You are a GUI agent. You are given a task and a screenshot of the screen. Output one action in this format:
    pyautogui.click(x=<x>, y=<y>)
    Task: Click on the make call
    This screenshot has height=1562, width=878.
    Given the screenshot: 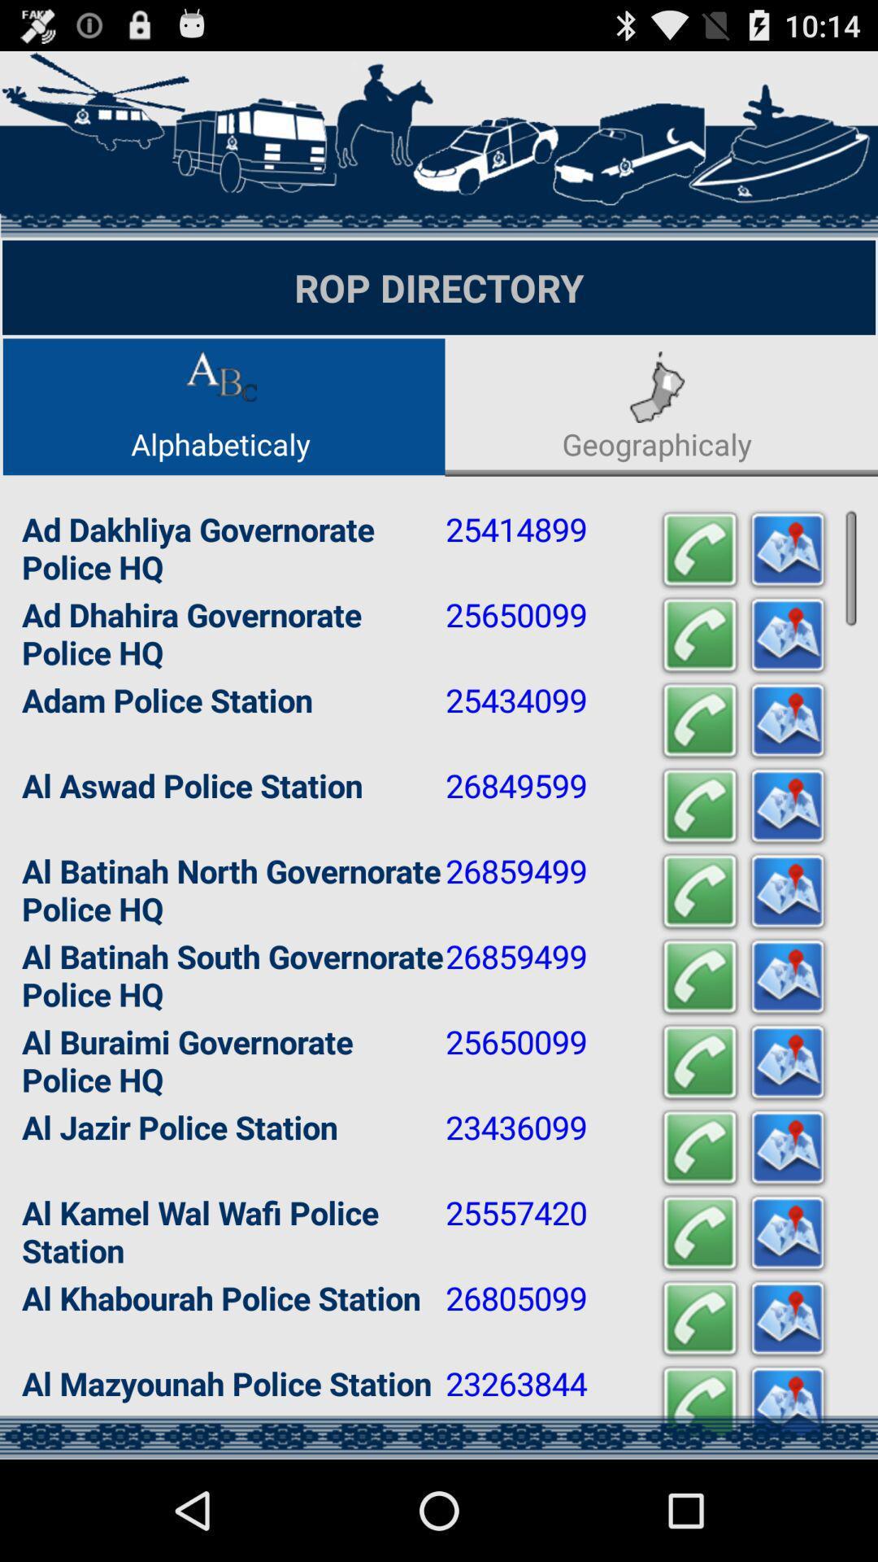 What is the action you would take?
    pyautogui.click(x=698, y=1147)
    